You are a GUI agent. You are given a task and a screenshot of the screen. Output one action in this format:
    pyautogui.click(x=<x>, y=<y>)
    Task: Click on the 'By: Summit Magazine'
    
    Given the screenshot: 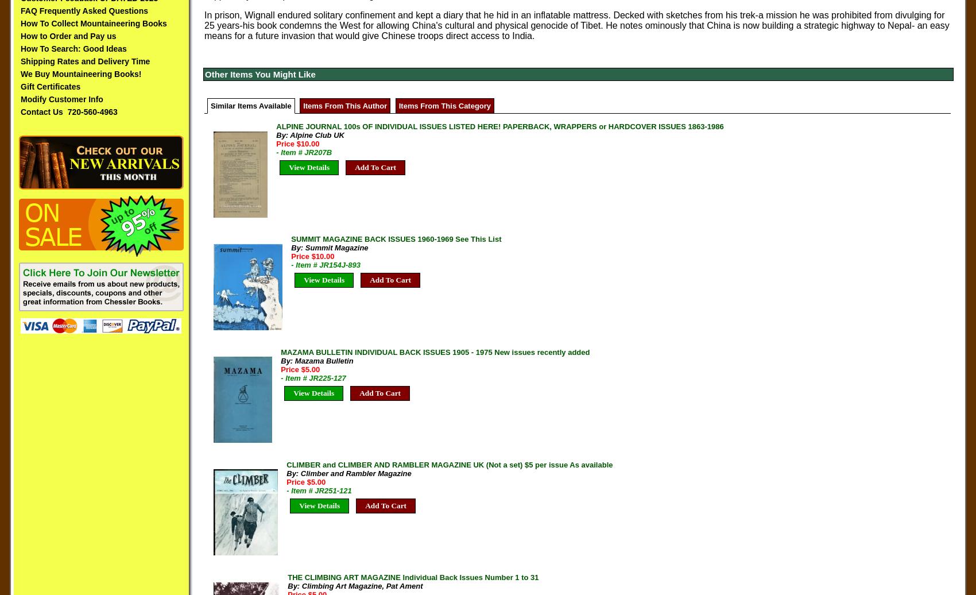 What is the action you would take?
    pyautogui.click(x=328, y=248)
    